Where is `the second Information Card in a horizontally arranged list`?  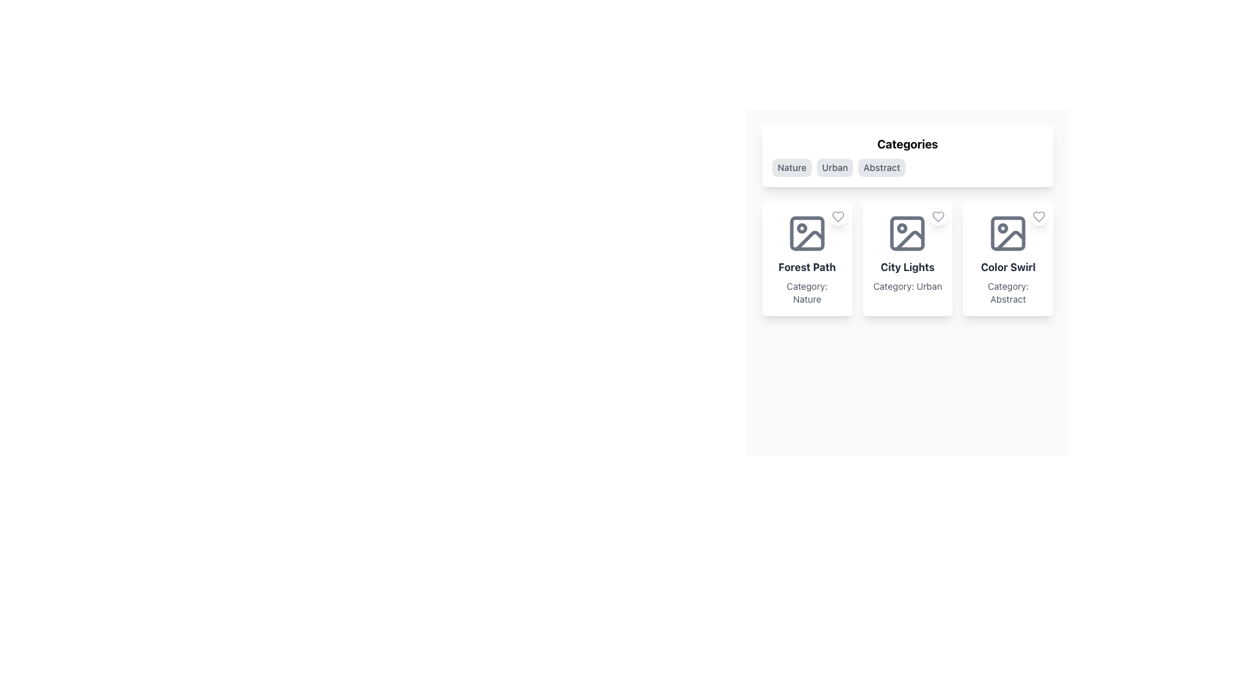
the second Information Card in a horizontally arranged list is located at coordinates (907, 253).